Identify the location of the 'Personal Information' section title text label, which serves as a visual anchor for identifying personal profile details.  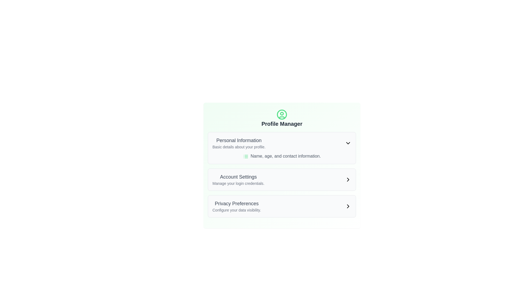
(239, 140).